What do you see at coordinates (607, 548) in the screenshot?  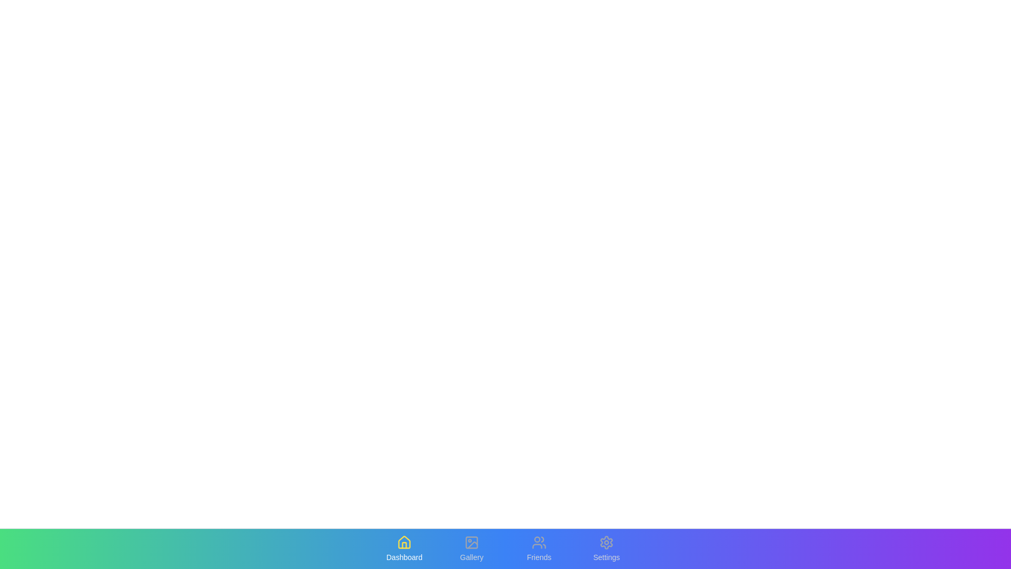 I see `the tab labeled Settings` at bounding box center [607, 548].